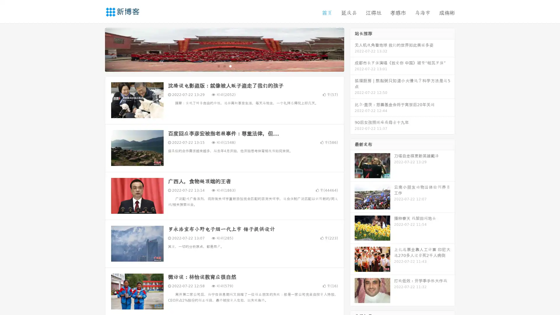  Describe the element at coordinates (96, 49) in the screenshot. I see `Previous slide` at that location.